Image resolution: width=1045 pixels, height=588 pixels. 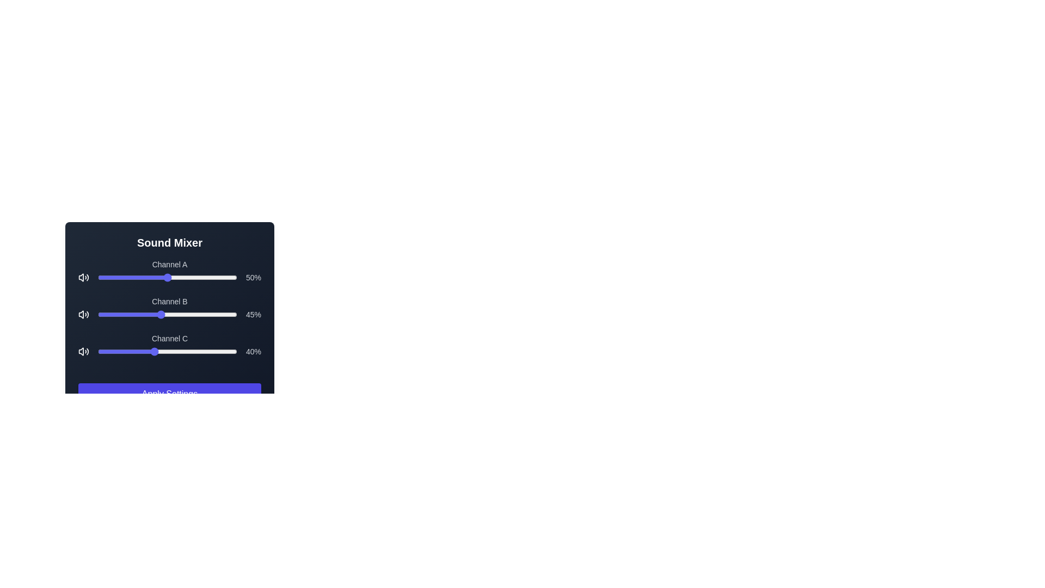 What do you see at coordinates (124, 277) in the screenshot?
I see `the volume` at bounding box center [124, 277].